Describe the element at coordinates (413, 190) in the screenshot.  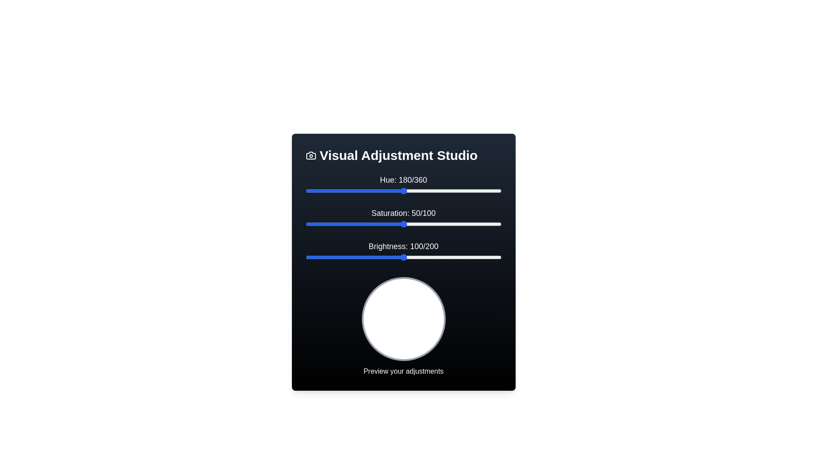
I see `the 'Hue' slider to 199 by dragging the slider` at that location.